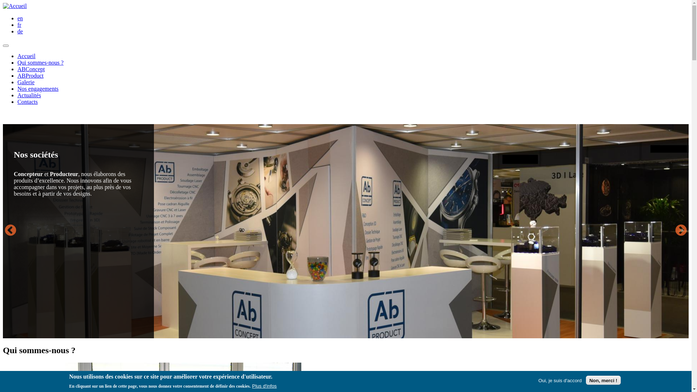 The width and height of the screenshot is (697, 392). Describe the element at coordinates (28, 102) in the screenshot. I see `'Contacts'` at that location.